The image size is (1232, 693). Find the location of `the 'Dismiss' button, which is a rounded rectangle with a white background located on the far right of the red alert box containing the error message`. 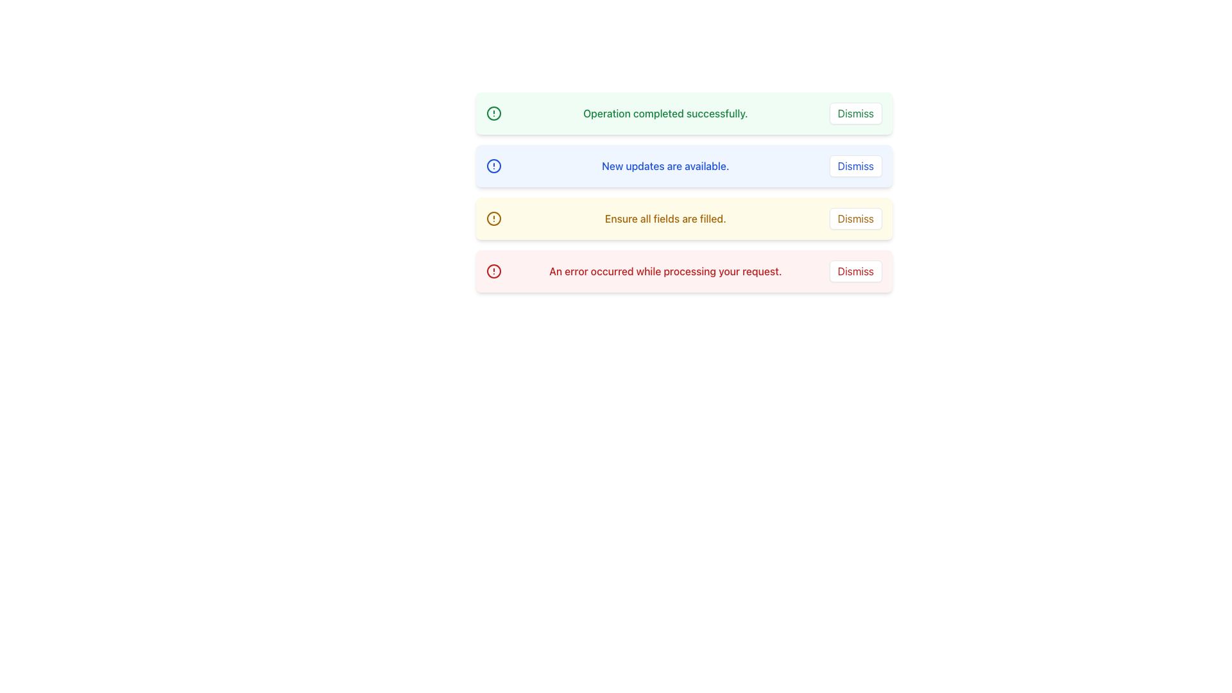

the 'Dismiss' button, which is a rounded rectangle with a white background located on the far right of the red alert box containing the error message is located at coordinates (855, 271).